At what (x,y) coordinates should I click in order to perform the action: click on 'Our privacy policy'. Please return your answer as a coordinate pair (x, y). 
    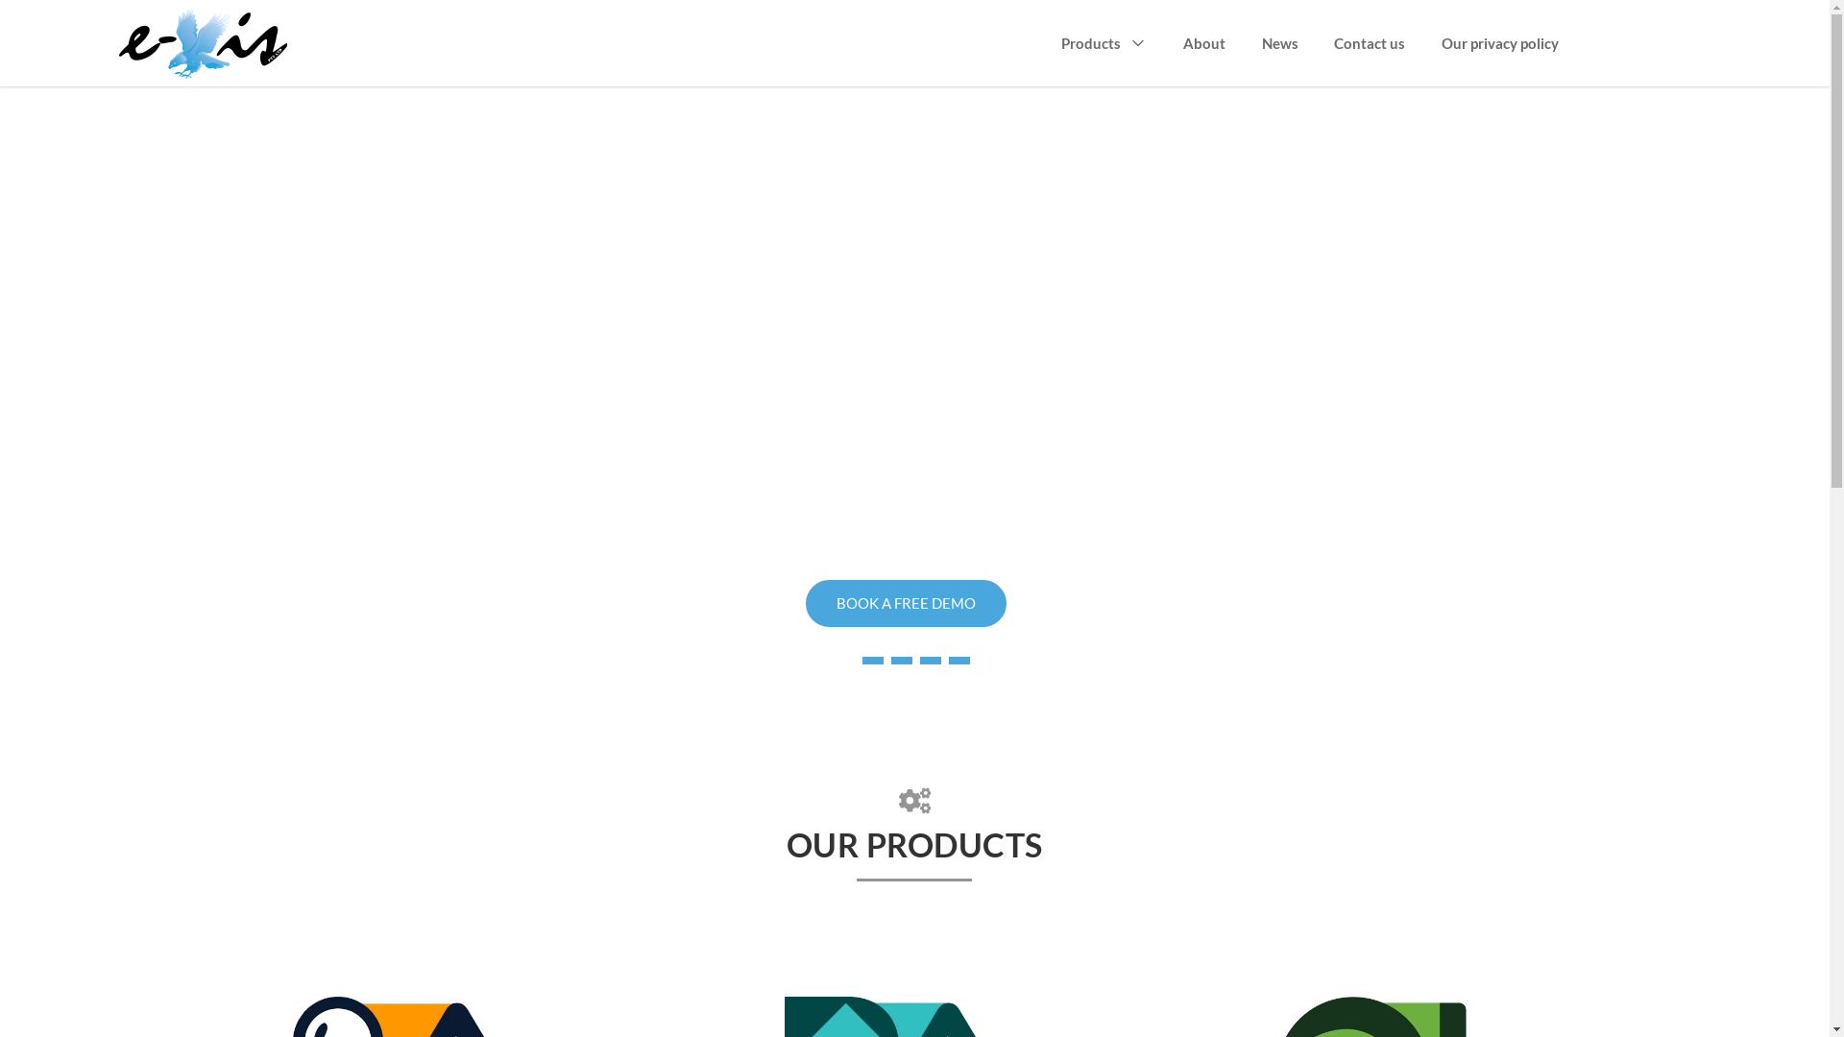
    Looking at the image, I should click on (1442, 43).